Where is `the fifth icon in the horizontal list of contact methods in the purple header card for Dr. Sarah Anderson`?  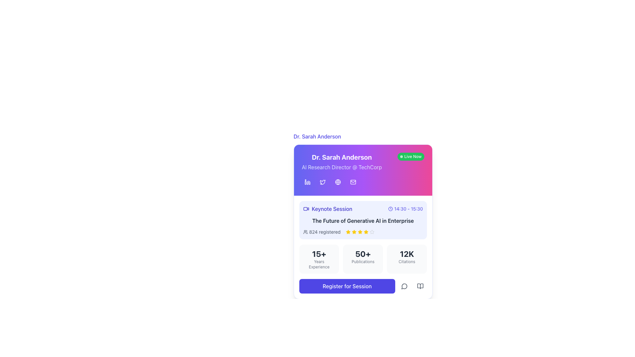 the fifth icon in the horizontal list of contact methods in the purple header card for Dr. Sarah Anderson is located at coordinates (353, 182).